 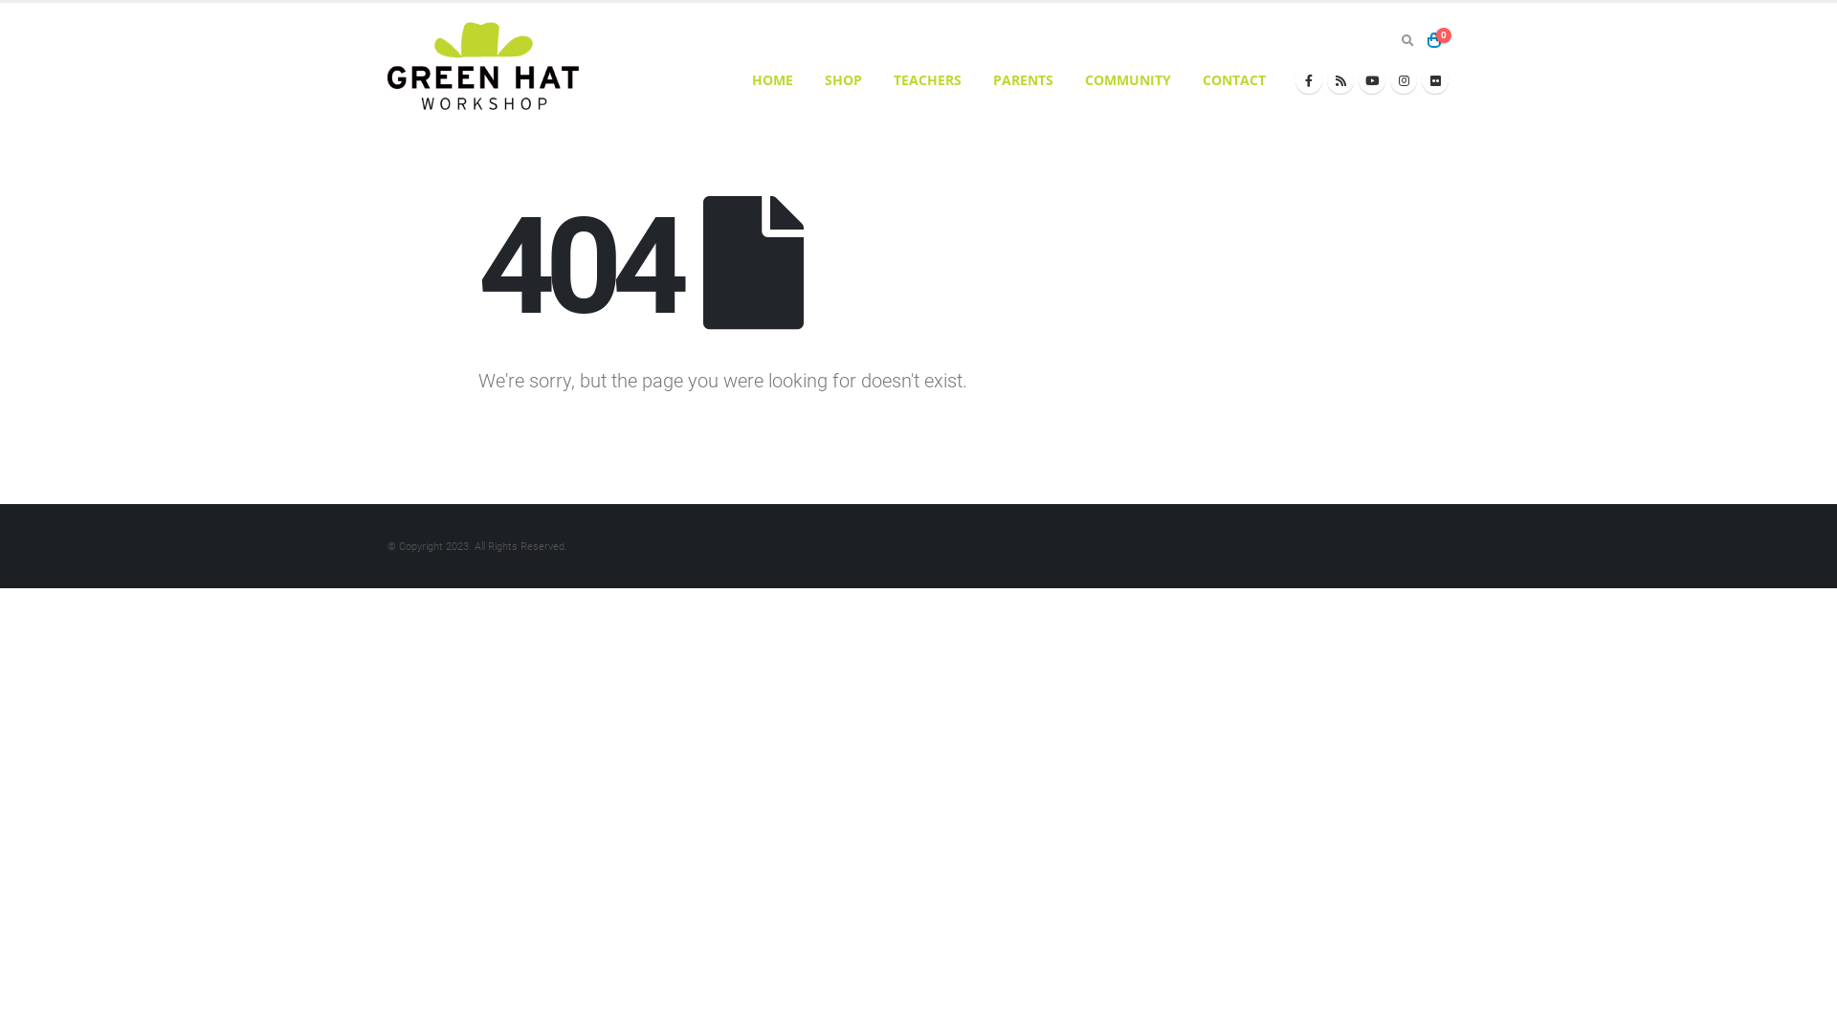 I want to click on 'RSS', so click(x=1339, y=79).